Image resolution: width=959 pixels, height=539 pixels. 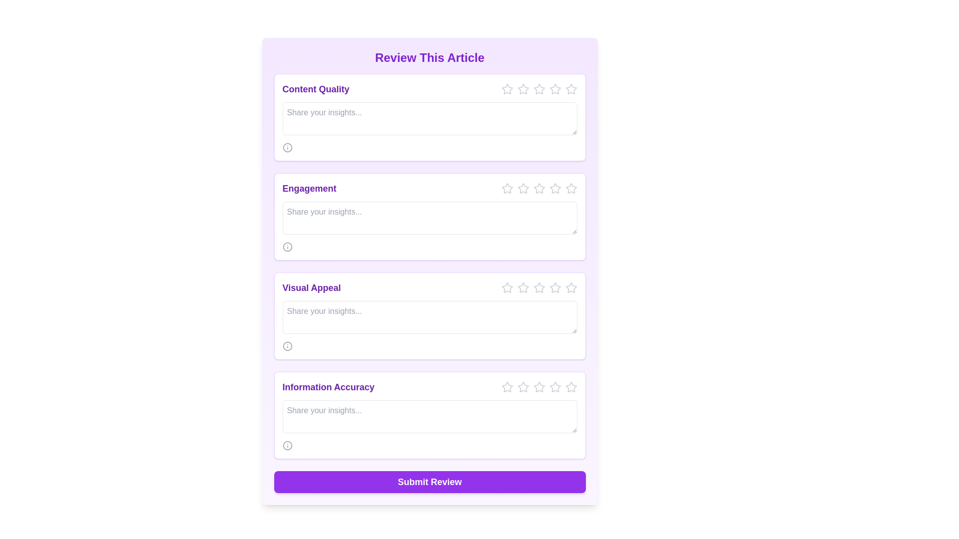 I want to click on the fifth star icon in the Engagement rating section, which is a gray star-shaped icon part of a horizontal group of six icons, so click(x=571, y=189).